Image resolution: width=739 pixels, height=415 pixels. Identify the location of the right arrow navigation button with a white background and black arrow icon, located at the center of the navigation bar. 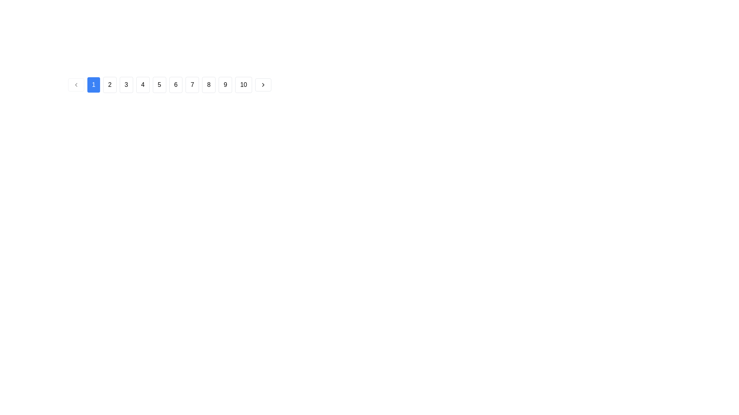
(263, 85).